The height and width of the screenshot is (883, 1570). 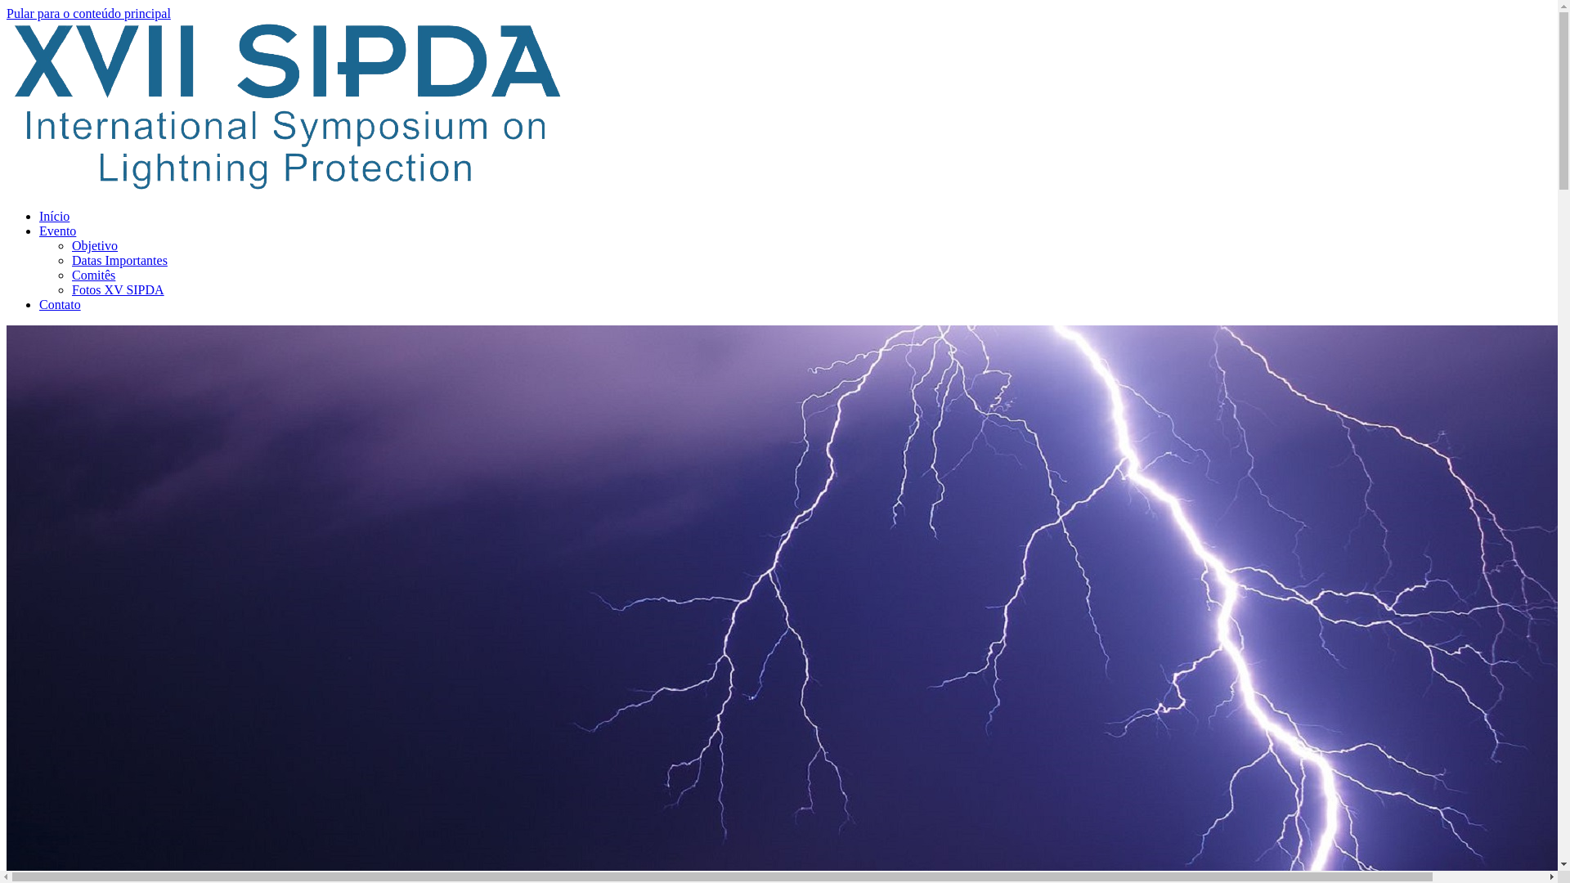 I want to click on 'Objetivo', so click(x=93, y=245).